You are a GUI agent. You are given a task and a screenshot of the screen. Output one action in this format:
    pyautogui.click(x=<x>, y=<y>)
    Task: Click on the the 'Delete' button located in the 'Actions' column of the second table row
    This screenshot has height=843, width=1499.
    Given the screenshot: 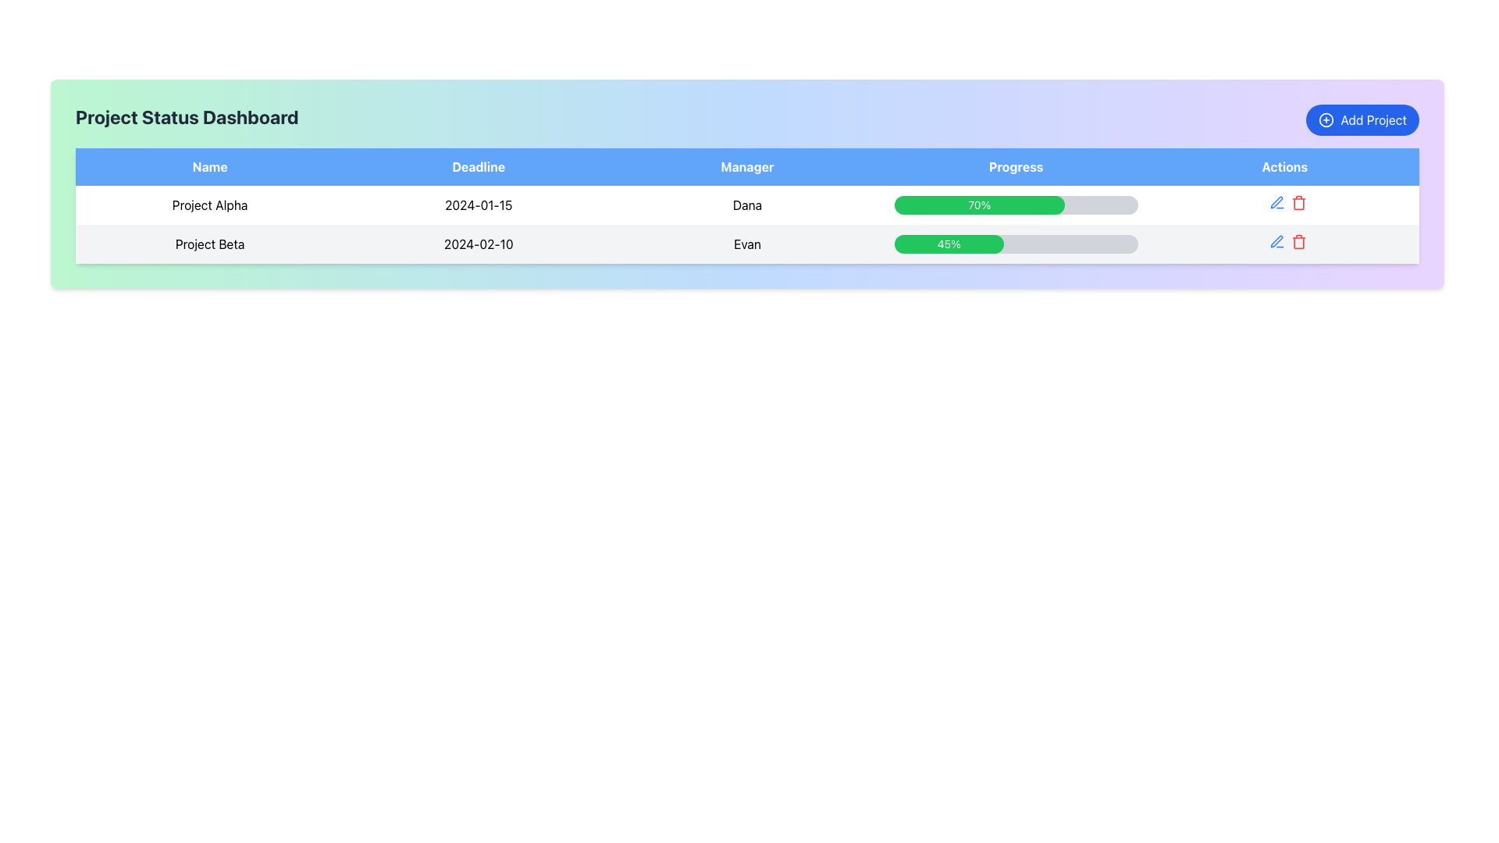 What is the action you would take?
    pyautogui.click(x=1298, y=241)
    